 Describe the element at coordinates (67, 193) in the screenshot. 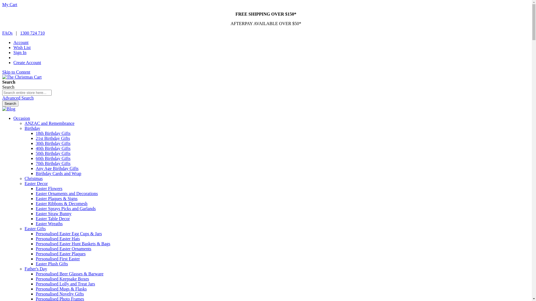

I see `'Easter Ornaments and Decorations'` at that location.